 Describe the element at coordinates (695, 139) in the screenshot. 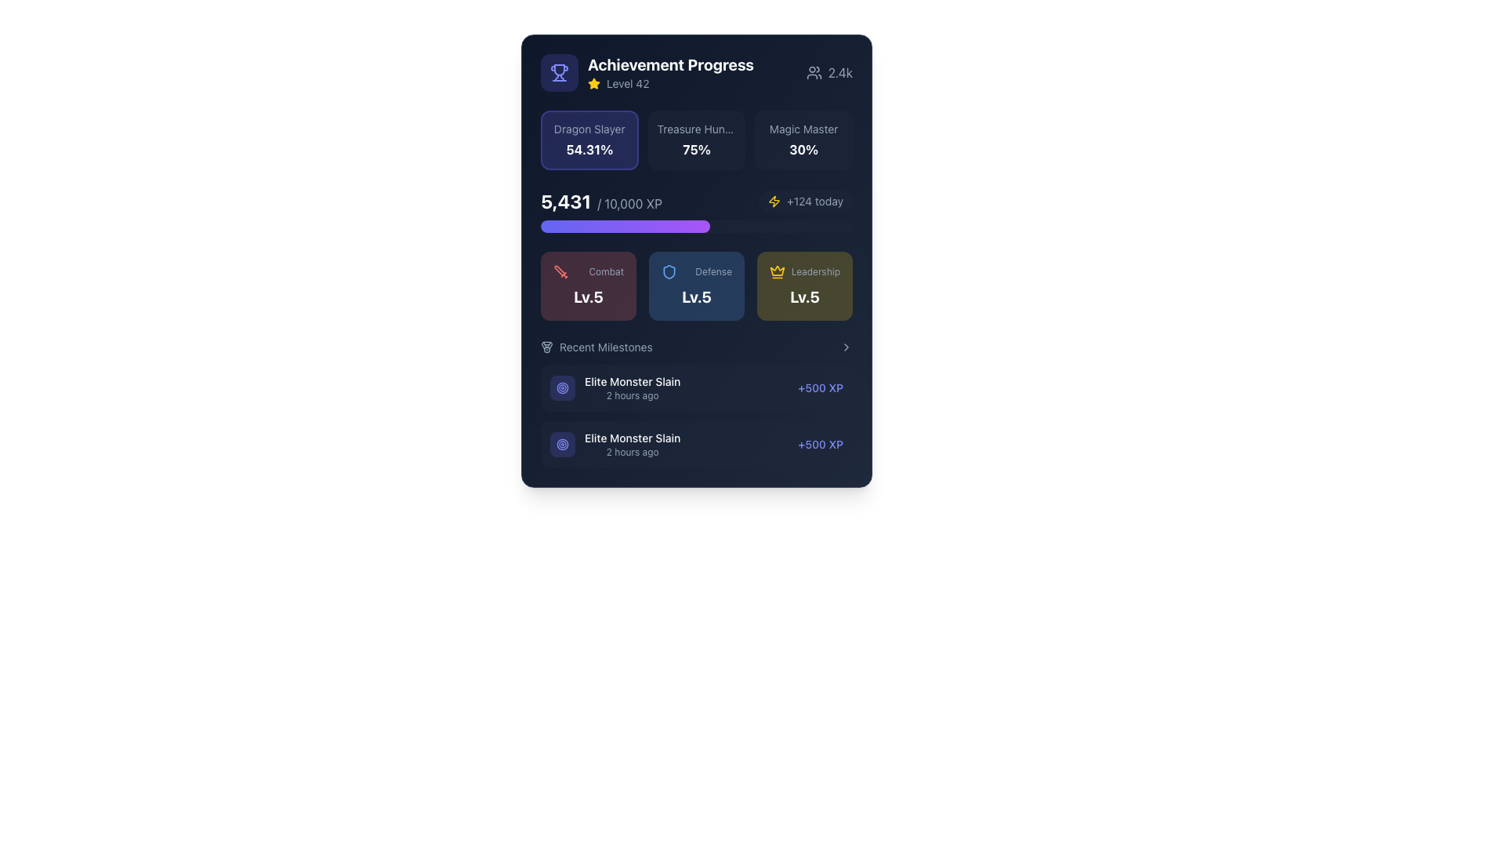

I see `the 'Treasure Hunter' interactive card for keyboard interactions` at that location.